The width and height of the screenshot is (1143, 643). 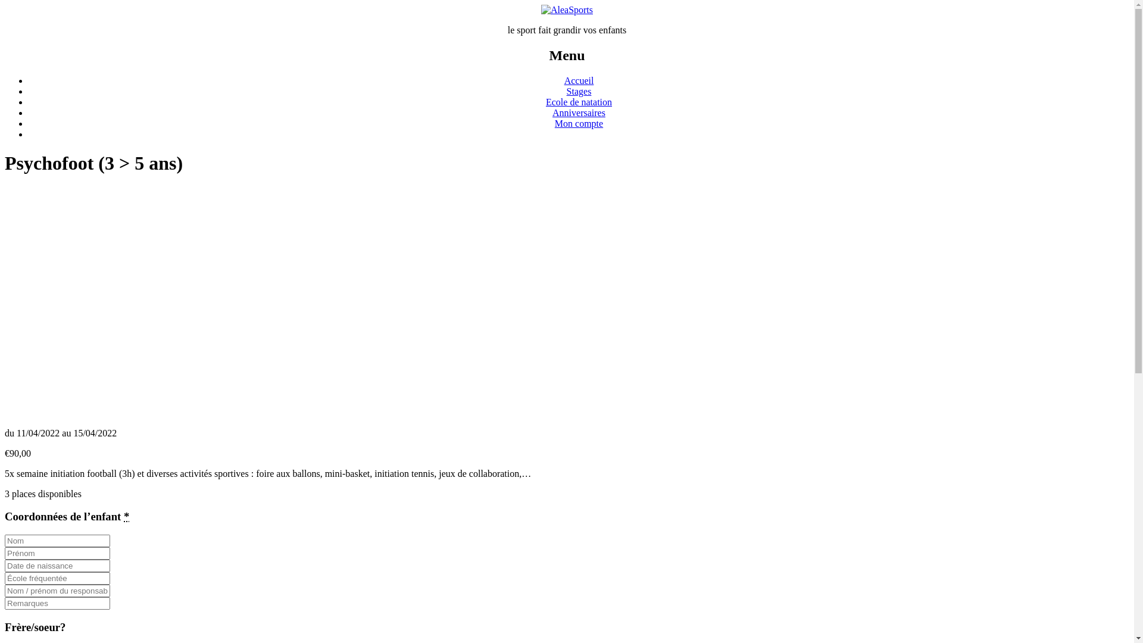 What do you see at coordinates (551, 113) in the screenshot?
I see `'Anniversaires'` at bounding box center [551, 113].